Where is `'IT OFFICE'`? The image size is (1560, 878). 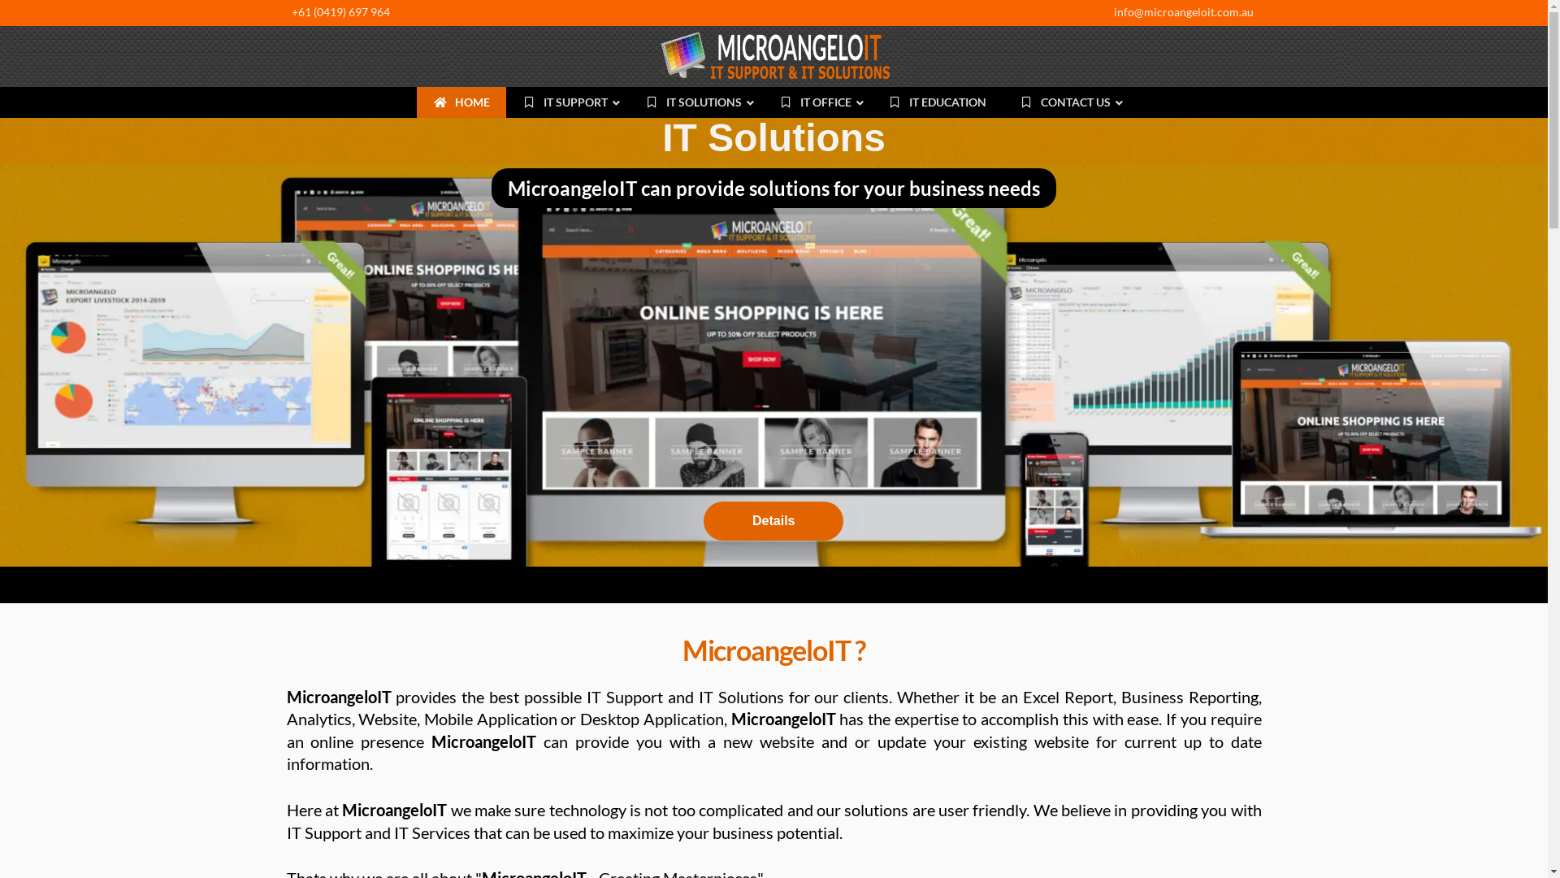 'IT OFFICE' is located at coordinates (817, 102).